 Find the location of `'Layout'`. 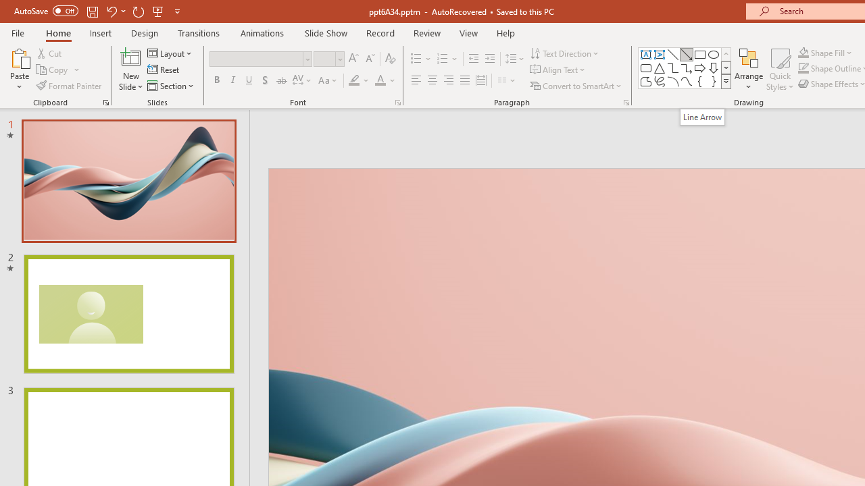

'Layout' is located at coordinates (170, 53).